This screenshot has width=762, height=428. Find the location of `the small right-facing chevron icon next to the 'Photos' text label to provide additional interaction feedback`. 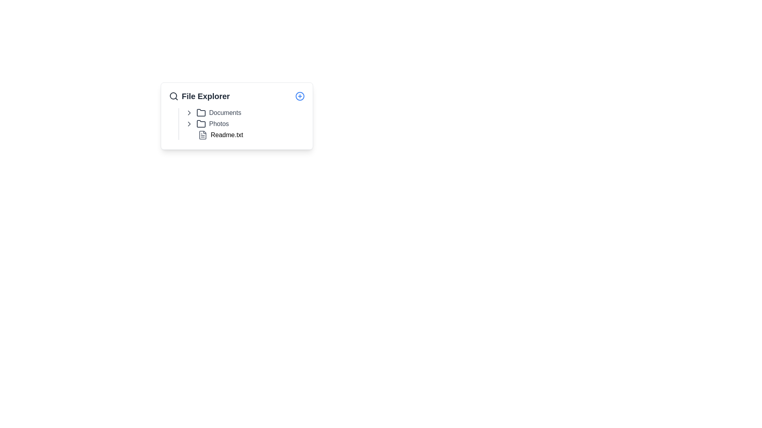

the small right-facing chevron icon next to the 'Photos' text label to provide additional interaction feedback is located at coordinates (189, 124).